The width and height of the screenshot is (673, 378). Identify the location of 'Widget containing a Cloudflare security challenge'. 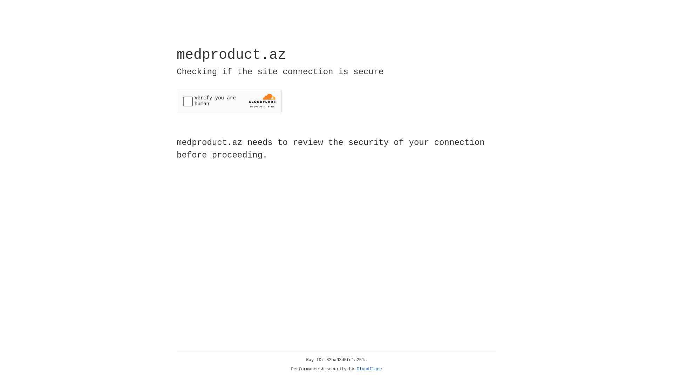
(229, 101).